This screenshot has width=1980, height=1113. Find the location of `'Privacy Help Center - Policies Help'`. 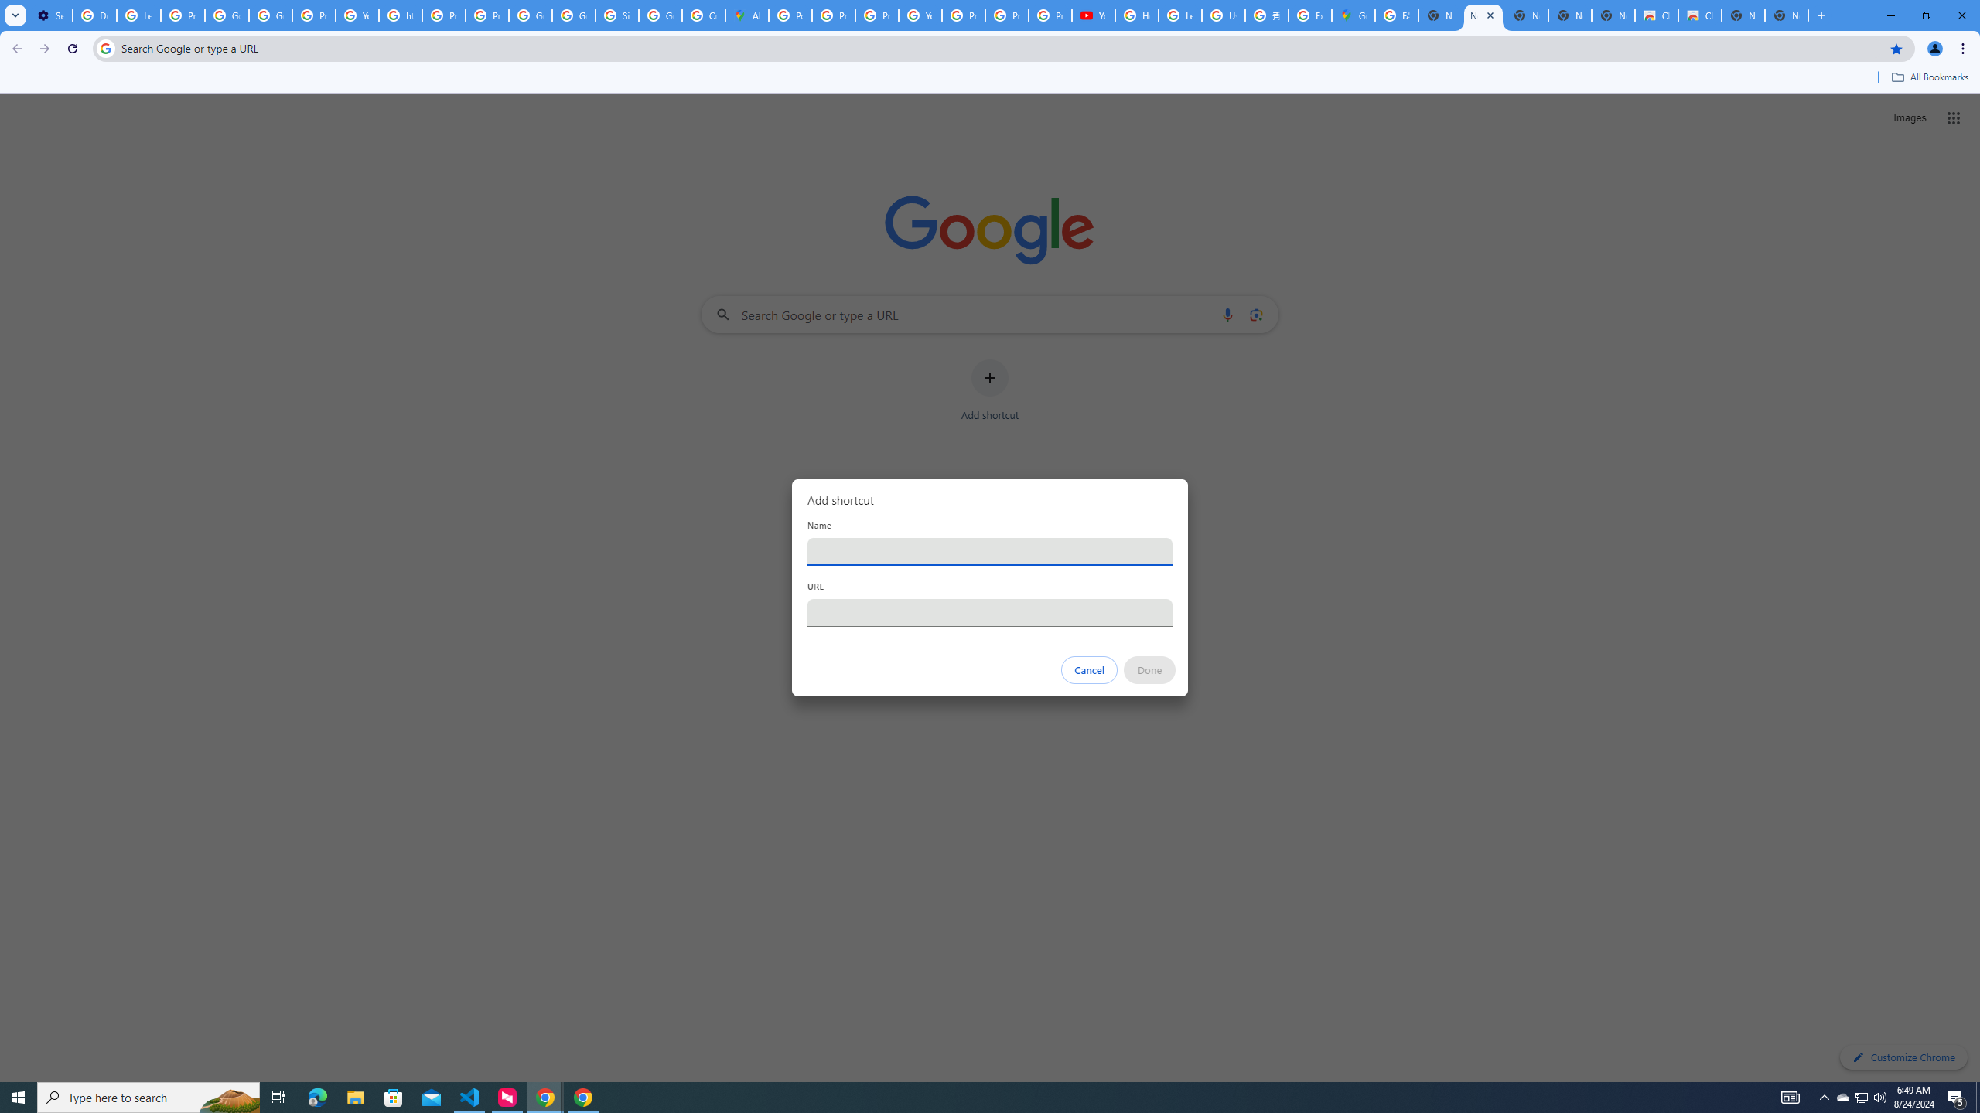

'Privacy Help Center - Policies Help' is located at coordinates (835, 15).